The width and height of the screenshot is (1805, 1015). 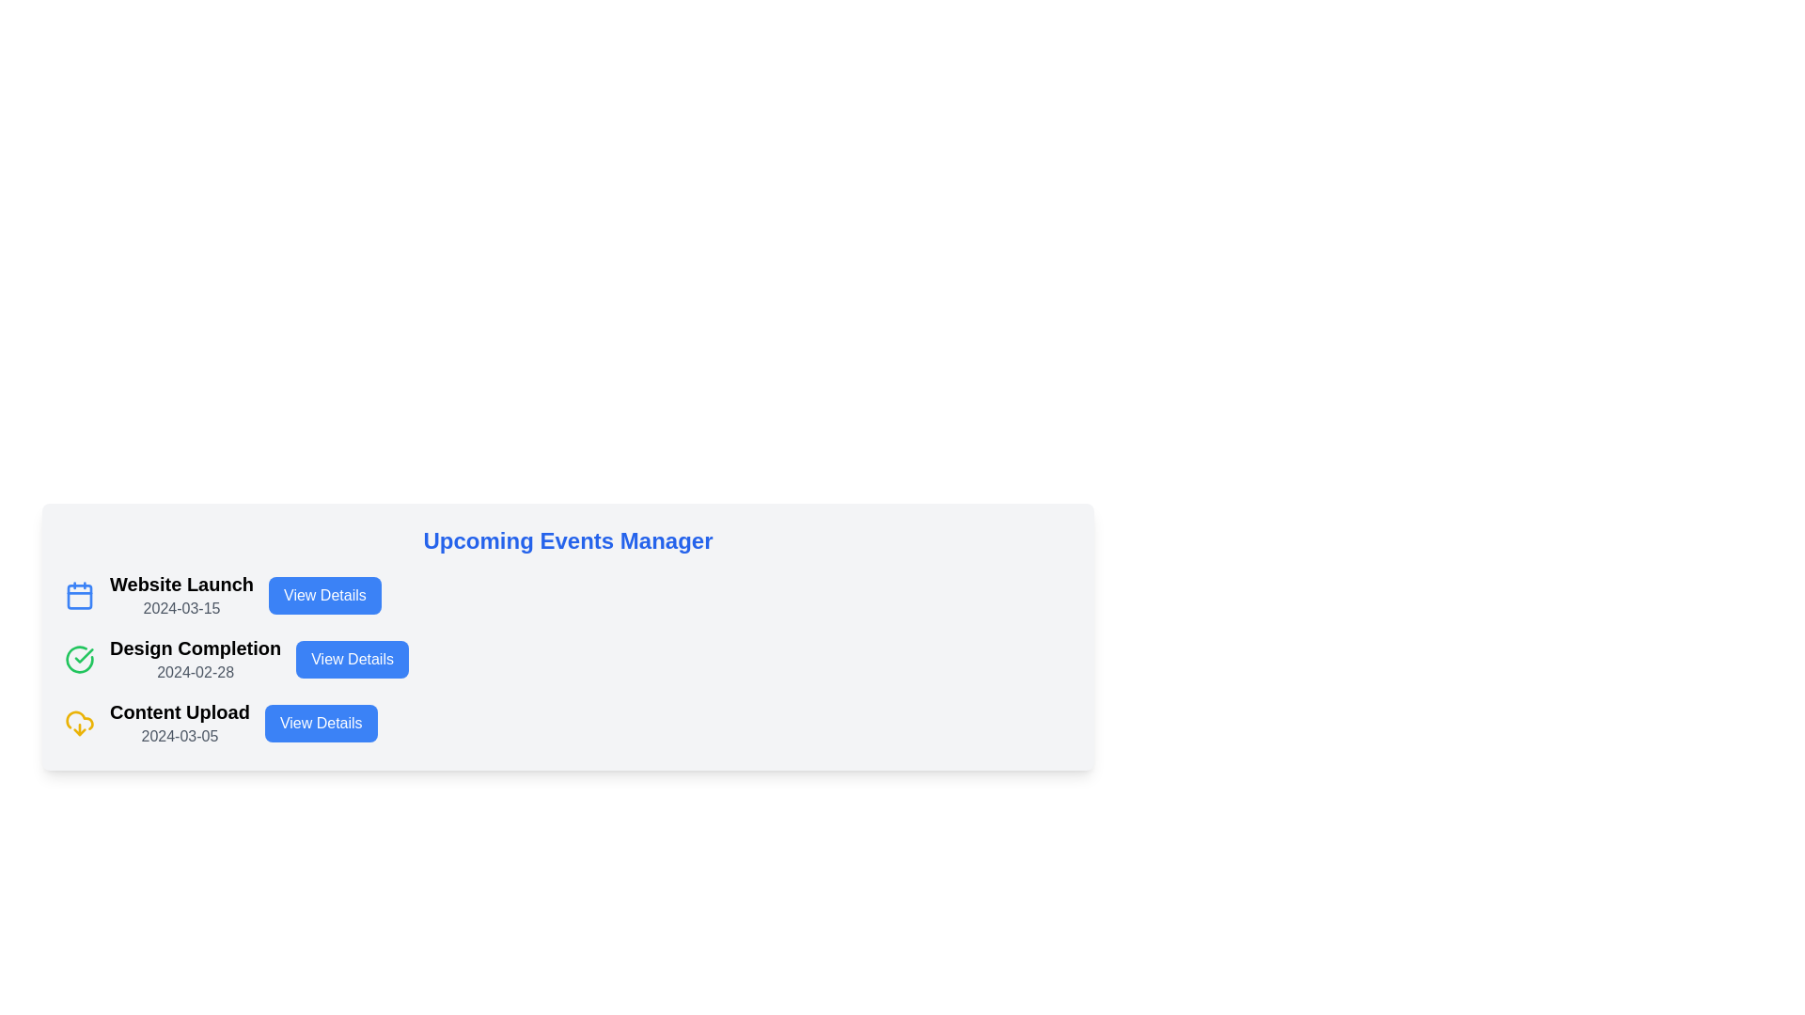 What do you see at coordinates (567, 540) in the screenshot?
I see `the Static text header displaying 'Upcoming Events Manager' in blue, bold font, located at the top of the event details section` at bounding box center [567, 540].